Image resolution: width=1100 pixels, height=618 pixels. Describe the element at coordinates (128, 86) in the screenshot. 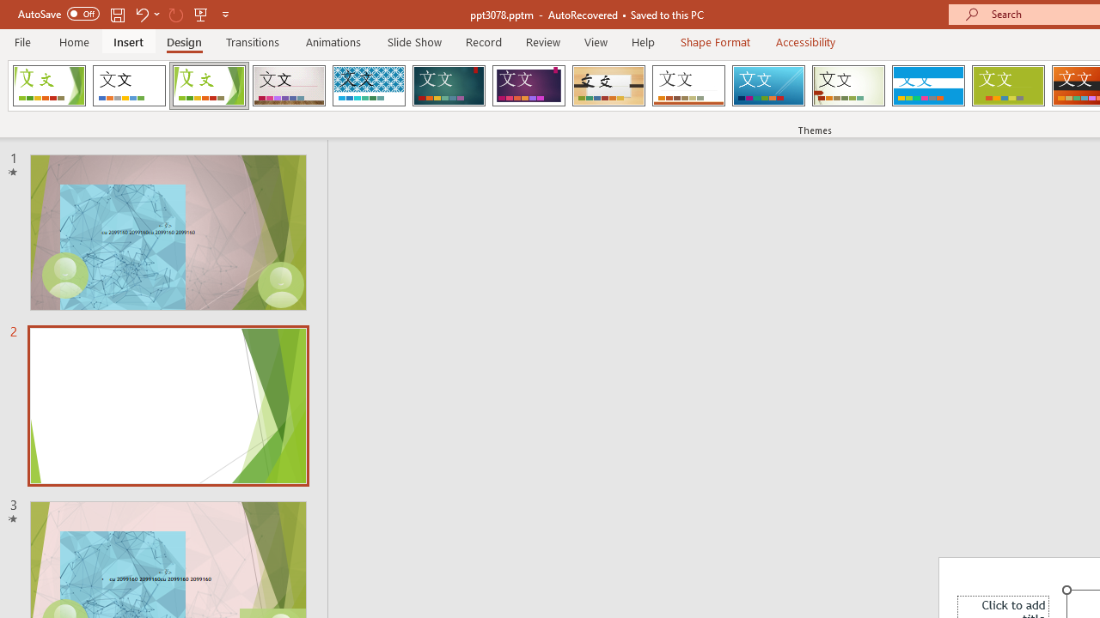

I see `'Office Theme'` at that location.